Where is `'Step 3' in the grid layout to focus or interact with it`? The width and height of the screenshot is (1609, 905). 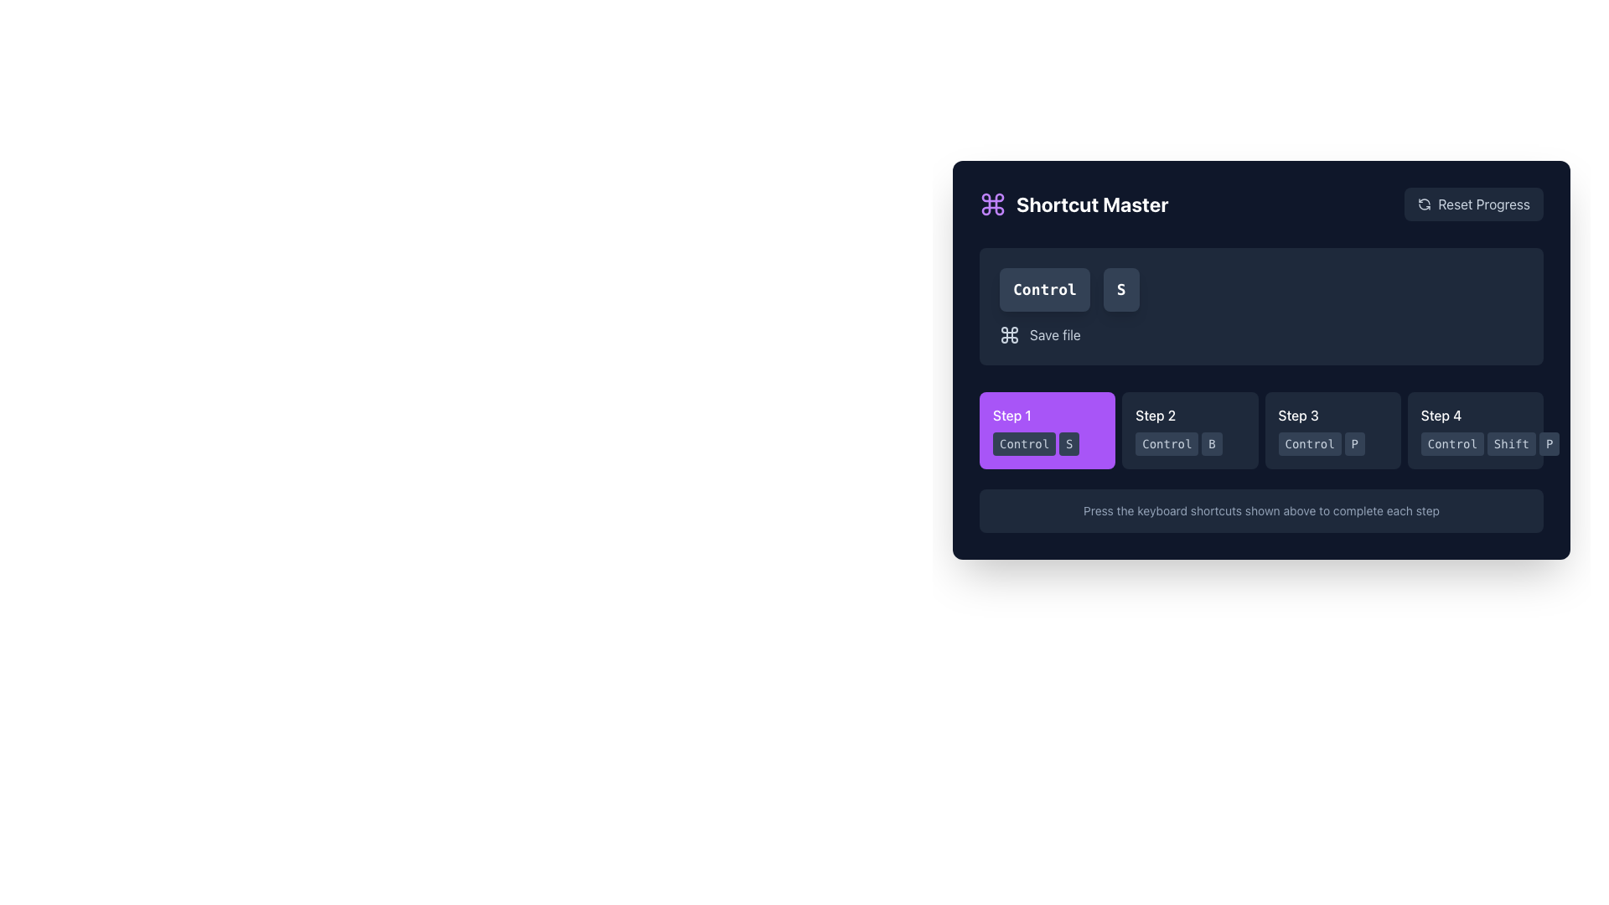 'Step 3' in the grid layout to focus or interact with it is located at coordinates (1261, 429).